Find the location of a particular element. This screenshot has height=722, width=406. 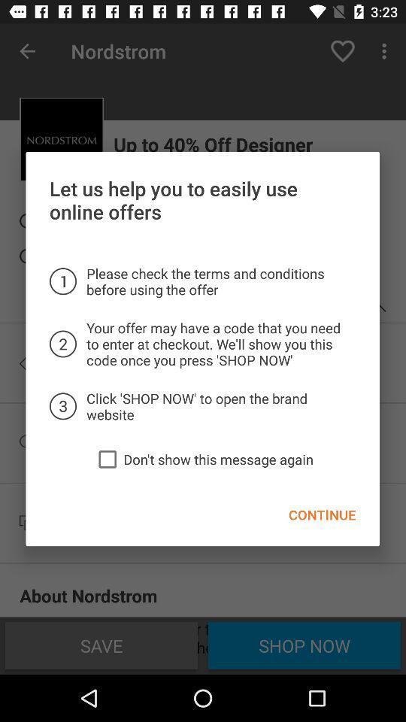

do n't show again toggle is located at coordinates (107, 458).